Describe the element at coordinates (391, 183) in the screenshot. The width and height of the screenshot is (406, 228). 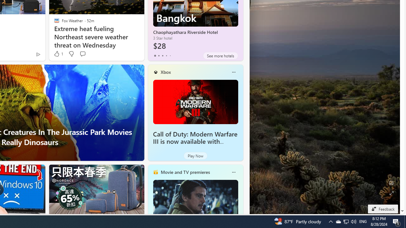
I see `'Edit Background'` at that location.